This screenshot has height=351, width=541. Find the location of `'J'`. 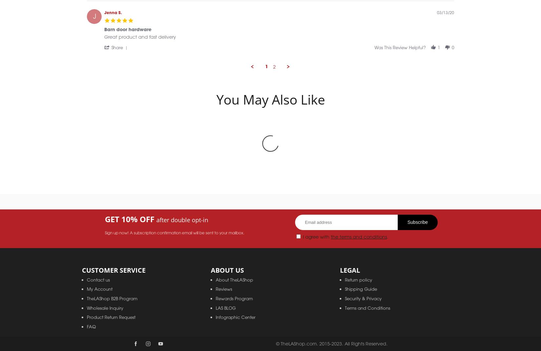

'J' is located at coordinates (94, 23).